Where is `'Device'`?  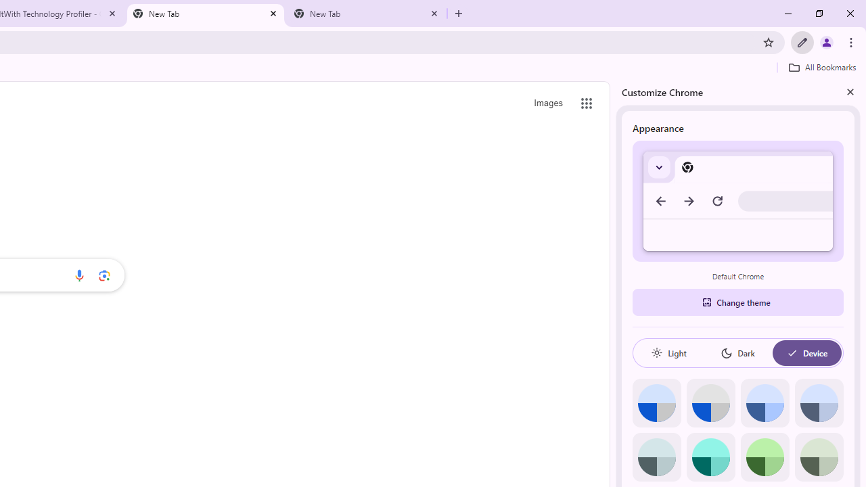 'Device' is located at coordinates (806, 352).